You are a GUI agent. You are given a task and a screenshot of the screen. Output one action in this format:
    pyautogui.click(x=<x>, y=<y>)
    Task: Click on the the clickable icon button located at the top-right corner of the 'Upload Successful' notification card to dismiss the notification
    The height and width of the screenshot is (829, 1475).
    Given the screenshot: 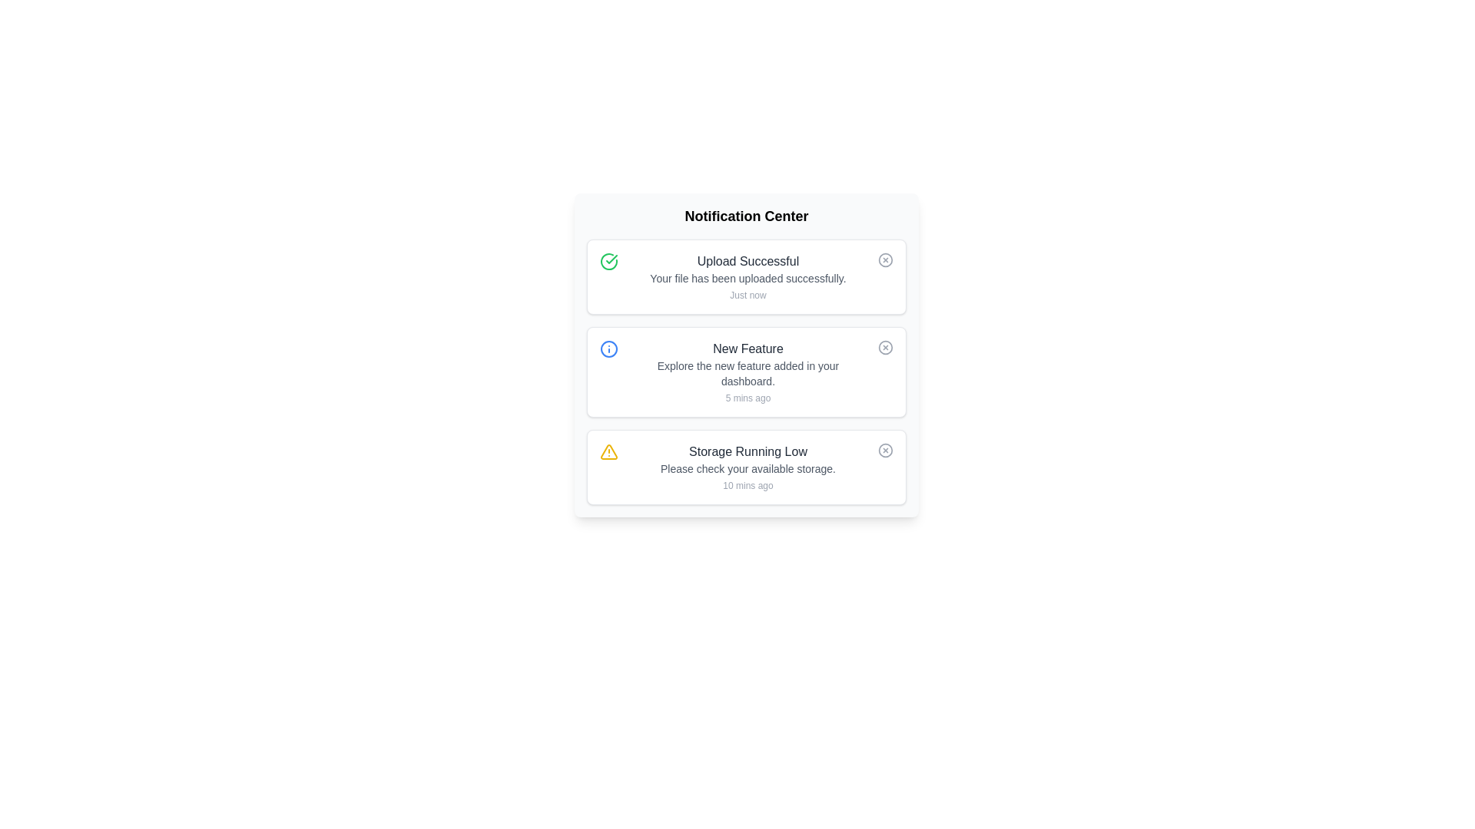 What is the action you would take?
    pyautogui.click(x=885, y=259)
    